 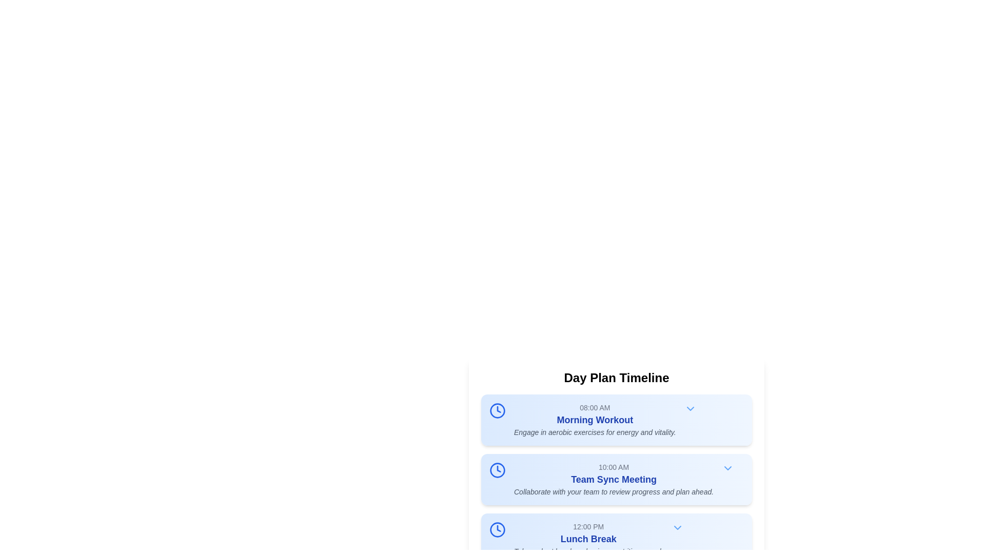 I want to click on the blue chevron-down icon located at the rightmost side of the 'Lunch Break' section in the day plan timeline to observe interaction cues, so click(x=677, y=528).